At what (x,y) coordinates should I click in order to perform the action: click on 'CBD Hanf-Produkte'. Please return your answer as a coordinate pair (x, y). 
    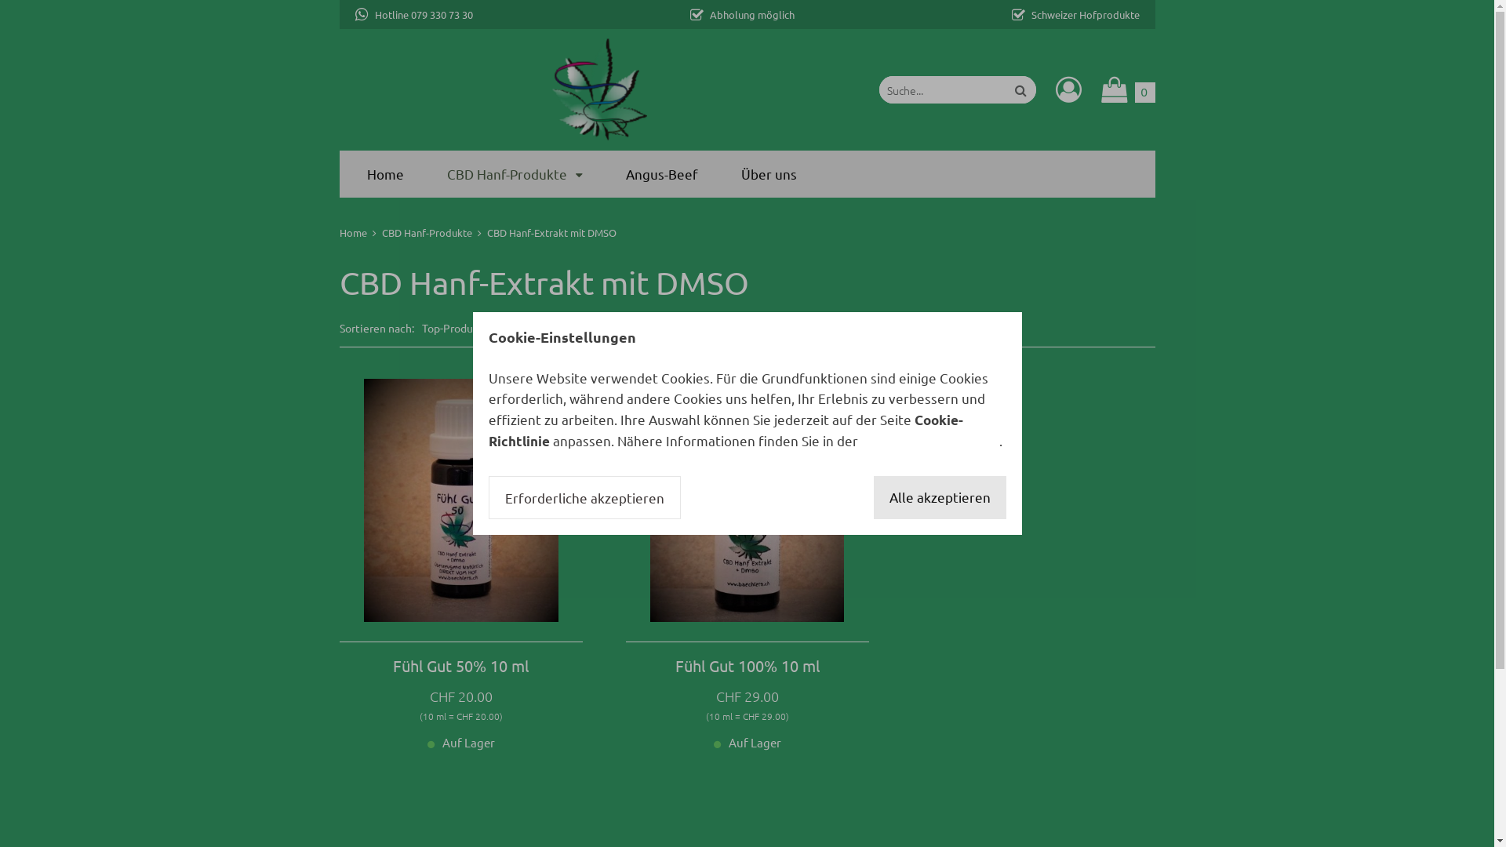
    Looking at the image, I should click on (515, 173).